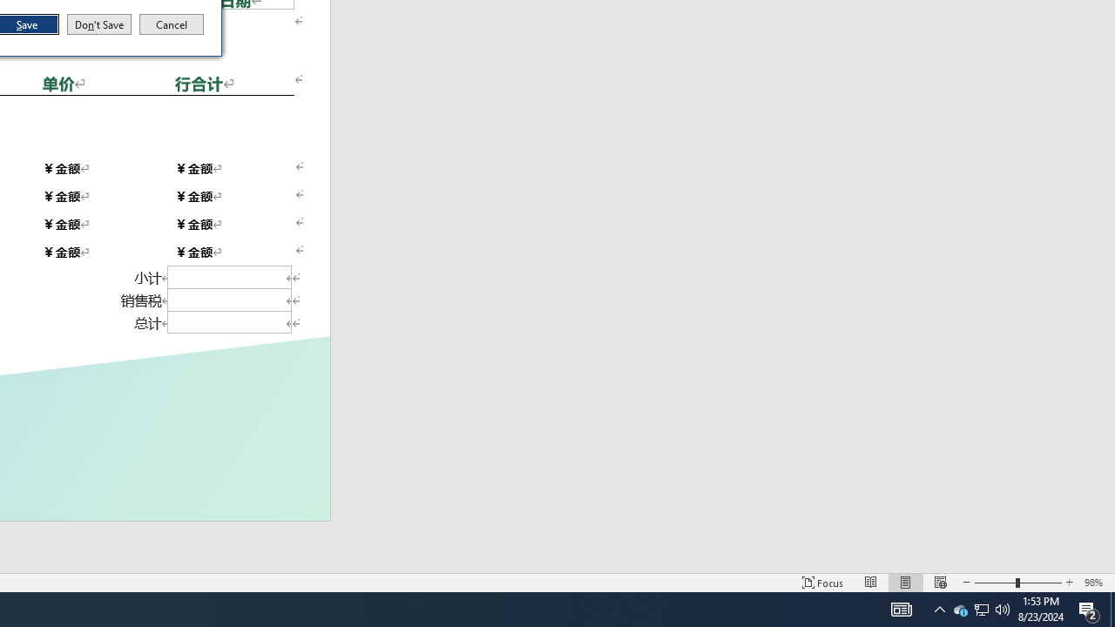 The width and height of the screenshot is (1115, 627). I want to click on 'Don', so click(98, 24).